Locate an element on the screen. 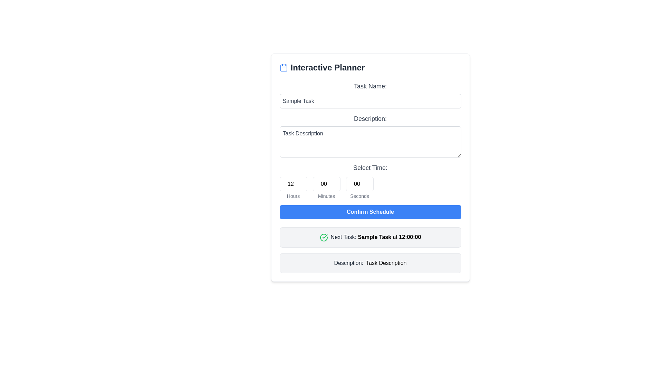 The image size is (663, 373). the descriptive title text label for the input field labeled 'Task Description', which is located below the 'Task Name:' label in the interactive planner interface is located at coordinates (370, 118).